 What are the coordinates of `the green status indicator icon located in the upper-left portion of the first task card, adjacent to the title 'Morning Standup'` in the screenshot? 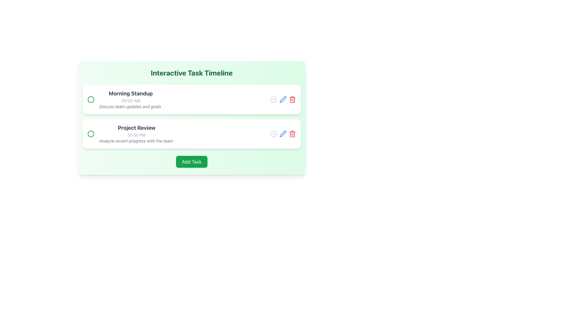 It's located at (91, 99).